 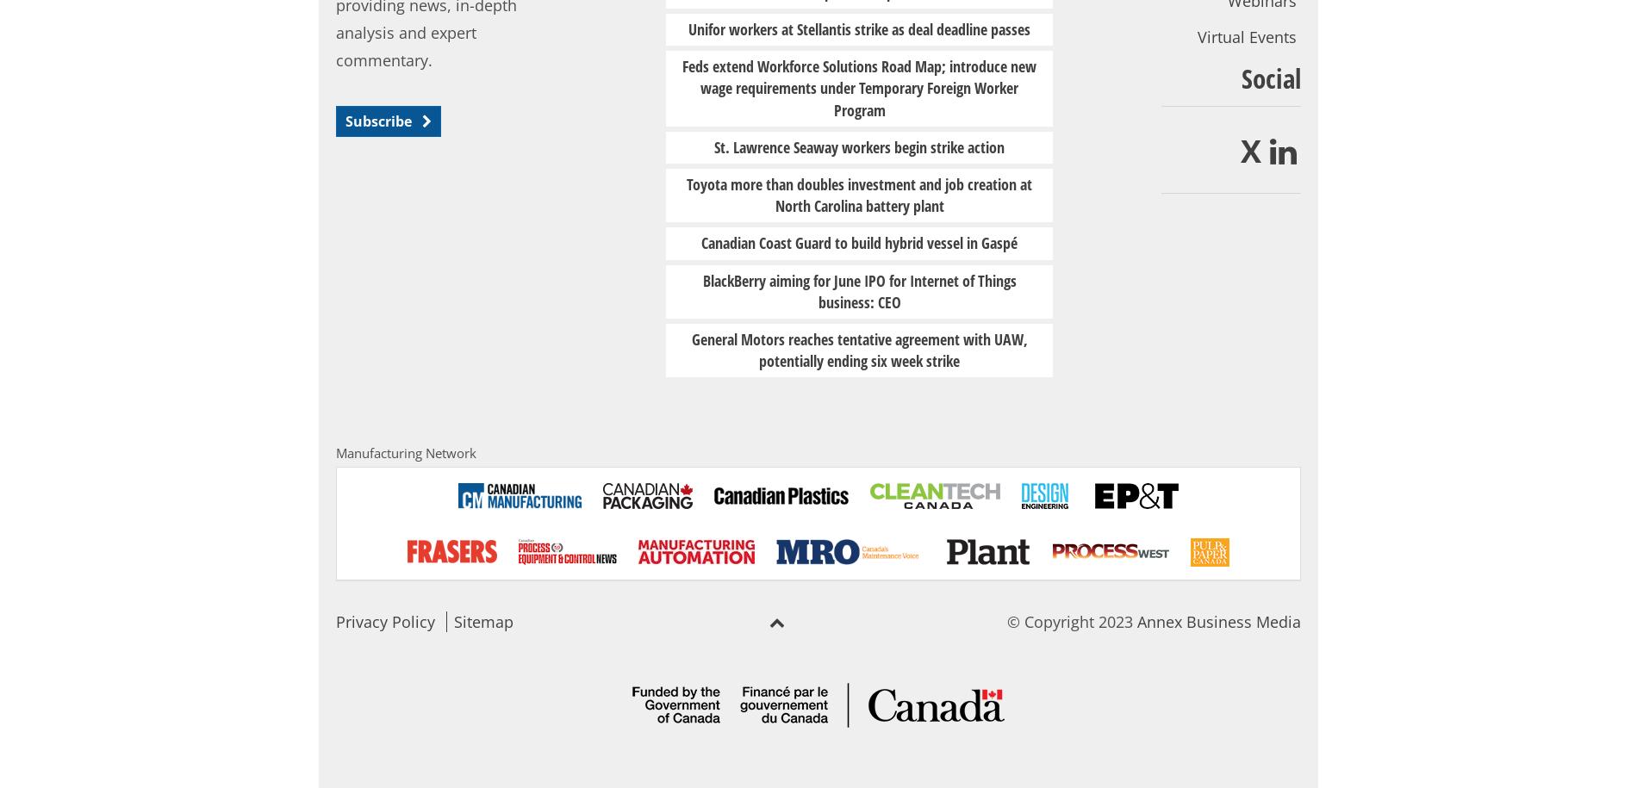 I want to click on 'Sitemap', so click(x=483, y=621).